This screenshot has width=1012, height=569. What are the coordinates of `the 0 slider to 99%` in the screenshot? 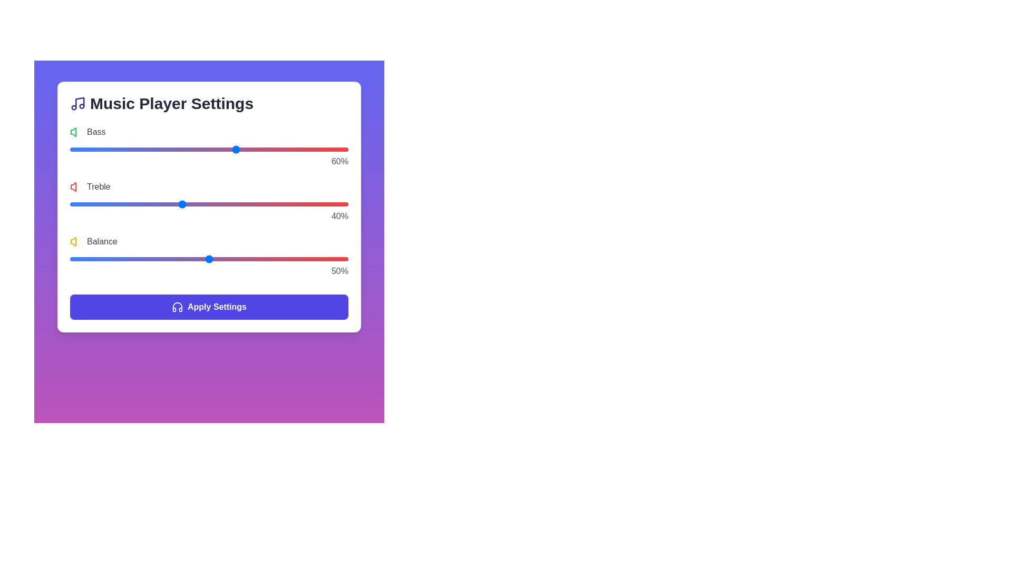 It's located at (345, 150).